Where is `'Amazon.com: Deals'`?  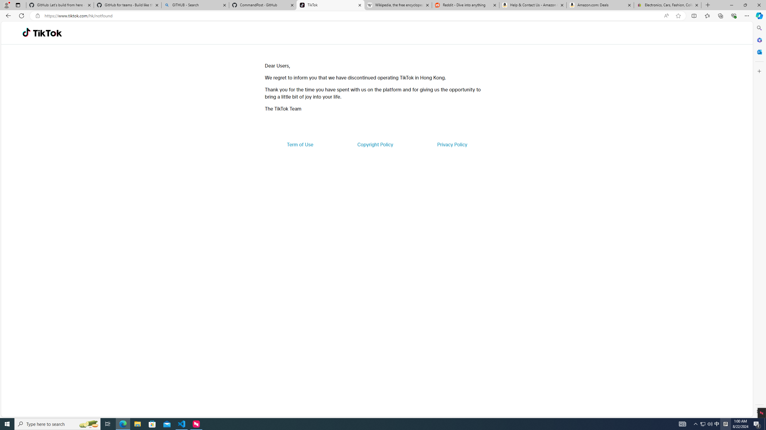
'Amazon.com: Deals' is located at coordinates (600, 5).